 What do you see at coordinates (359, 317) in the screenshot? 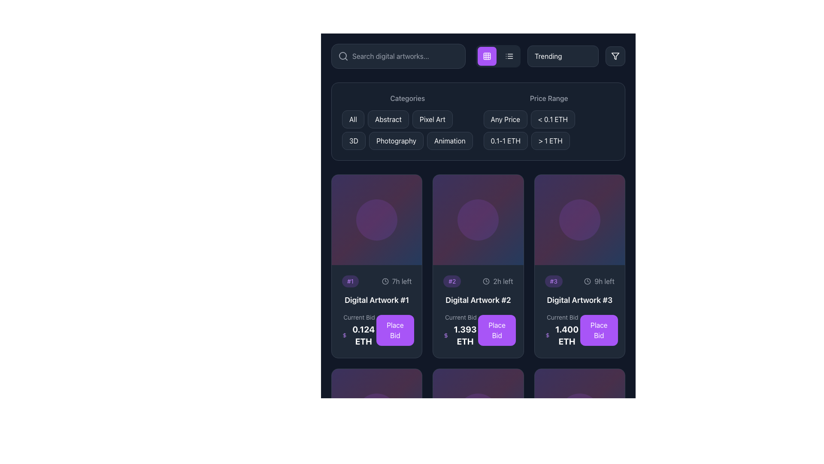
I see `the text label displaying 'Current Bid' located in the top-left corner of the first auction card` at bounding box center [359, 317].